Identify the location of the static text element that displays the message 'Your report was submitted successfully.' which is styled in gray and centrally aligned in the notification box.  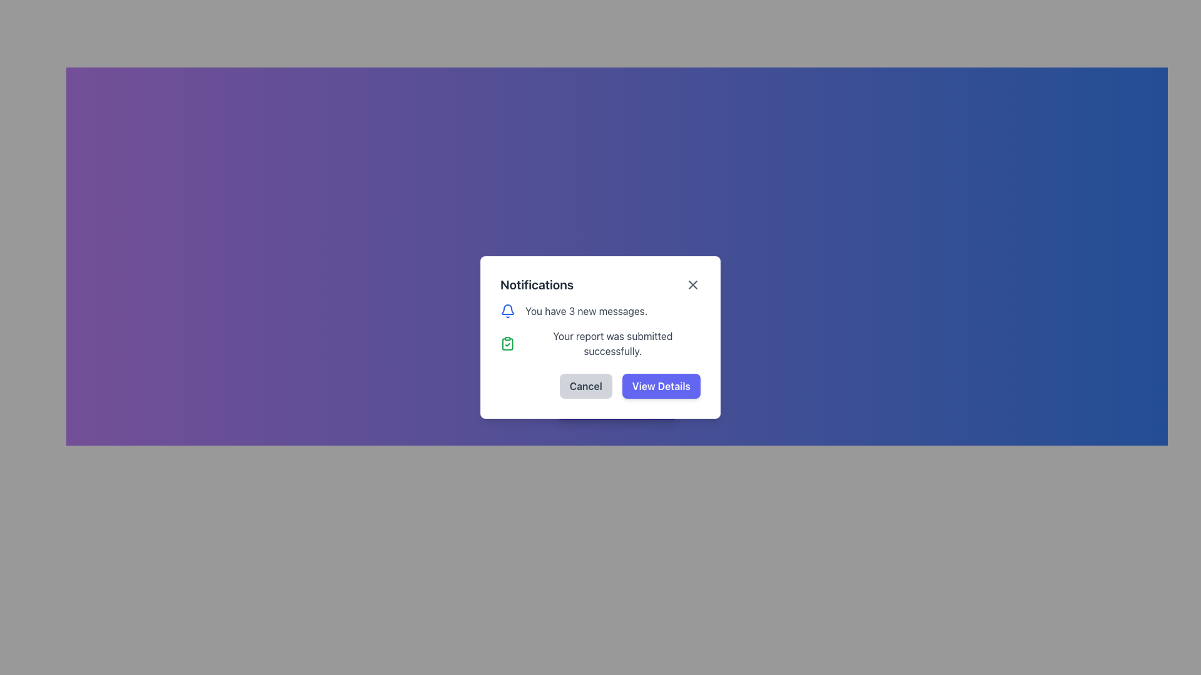
(612, 344).